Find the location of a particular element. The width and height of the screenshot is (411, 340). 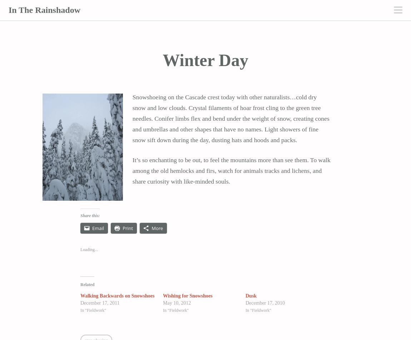

'Share this:' is located at coordinates (89, 216).